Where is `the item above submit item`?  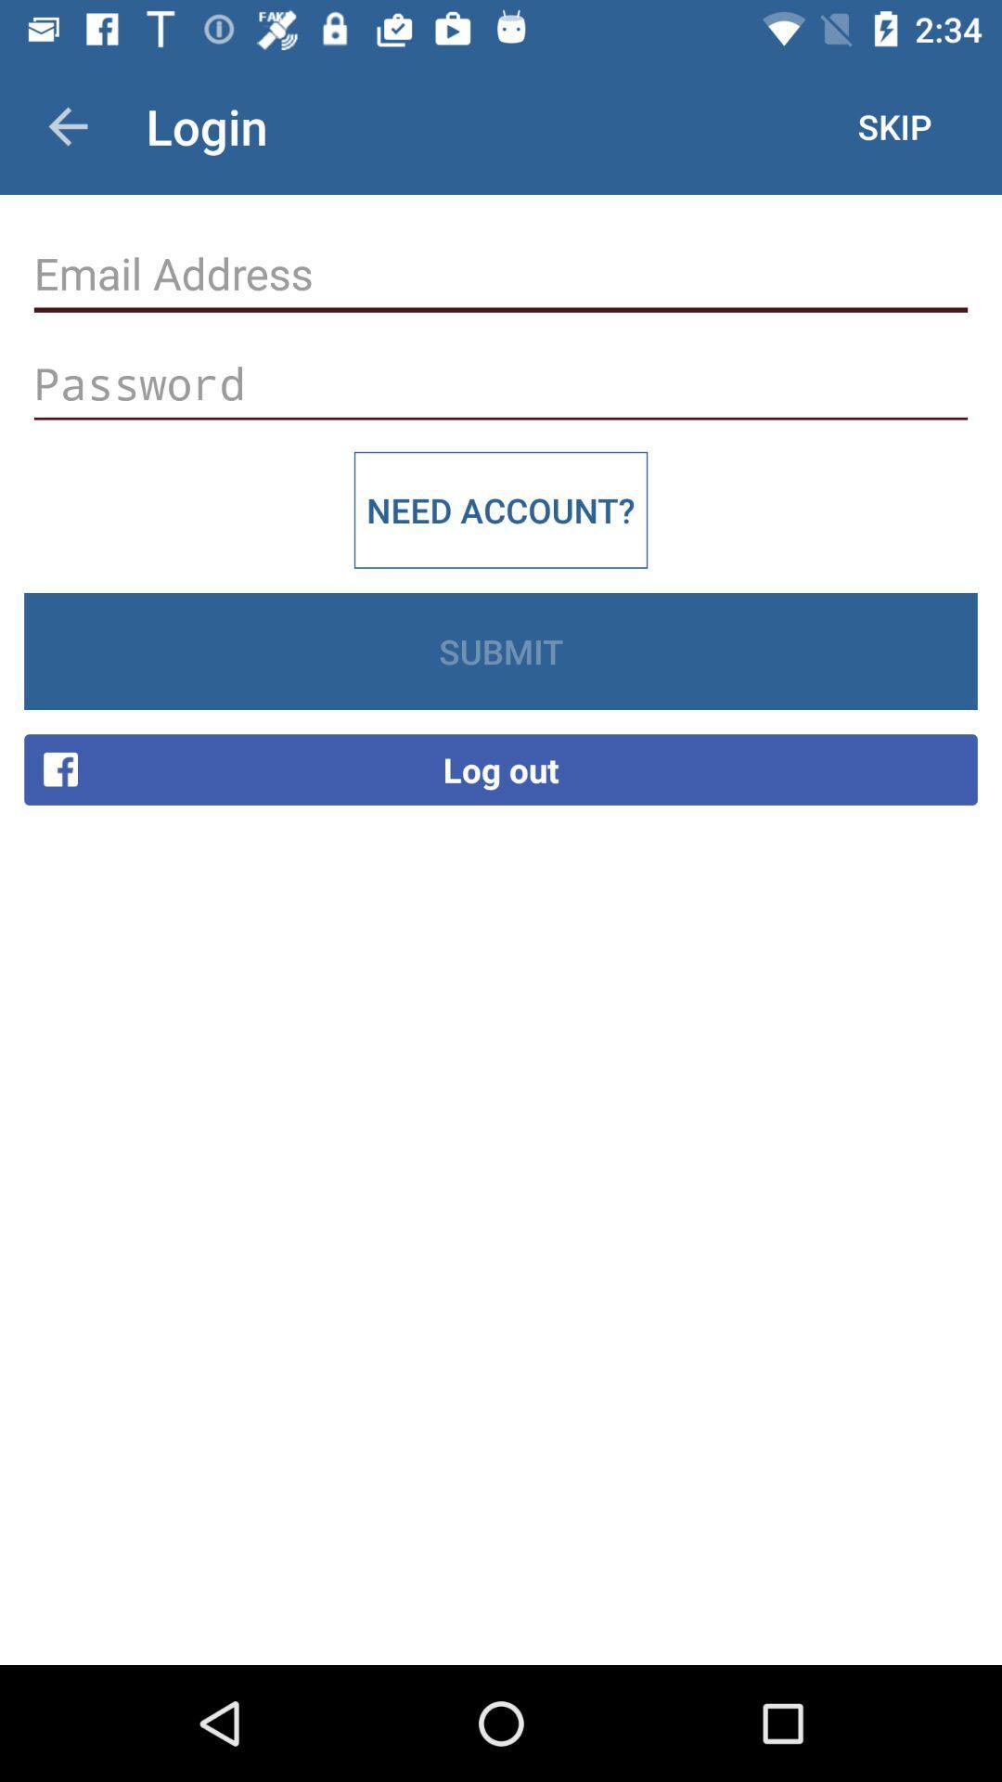 the item above submit item is located at coordinates (501, 510).